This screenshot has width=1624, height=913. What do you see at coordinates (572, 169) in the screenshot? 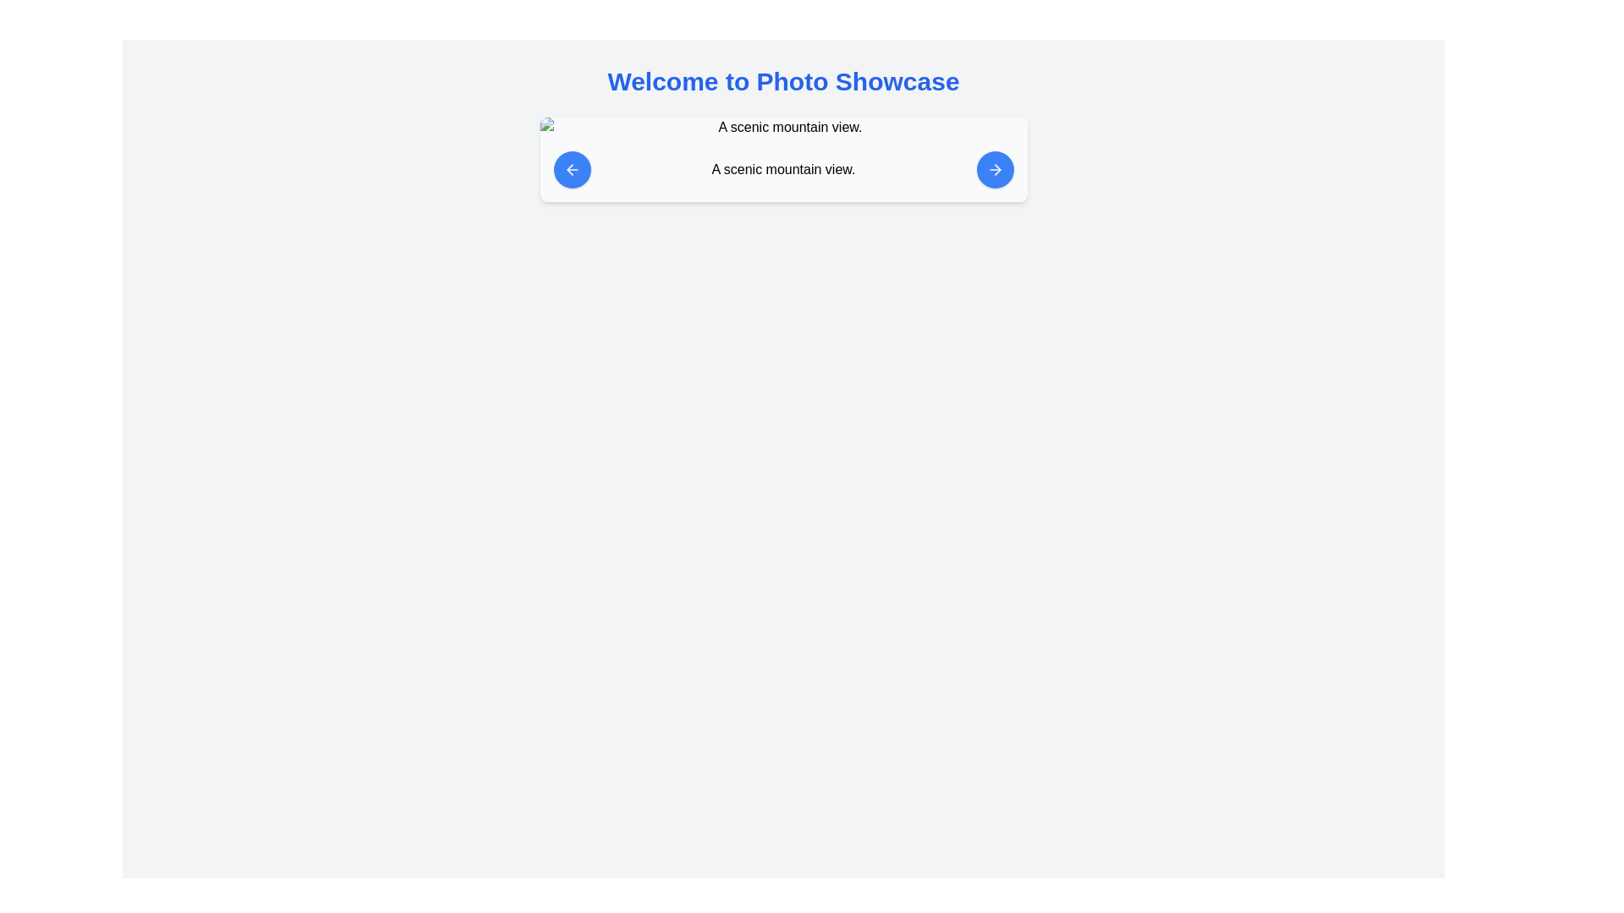
I see `the circular blue button with a white left-pointing arrow icon` at bounding box center [572, 169].